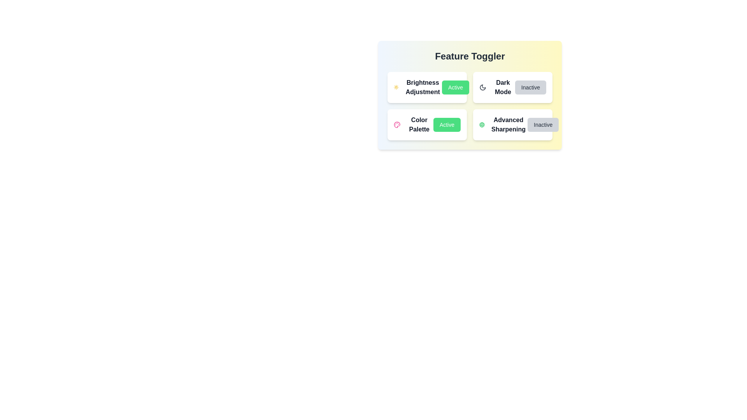 The width and height of the screenshot is (747, 420). What do you see at coordinates (456, 87) in the screenshot?
I see `button corresponding to the feature Brightness Adjustment to toggle its state` at bounding box center [456, 87].